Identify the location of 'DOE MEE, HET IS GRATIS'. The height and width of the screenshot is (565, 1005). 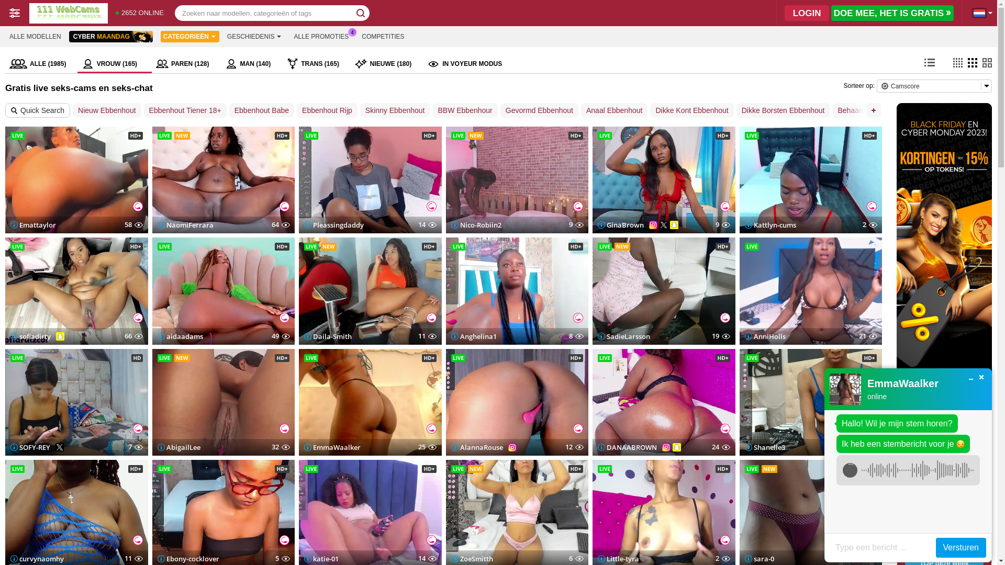
(891, 13).